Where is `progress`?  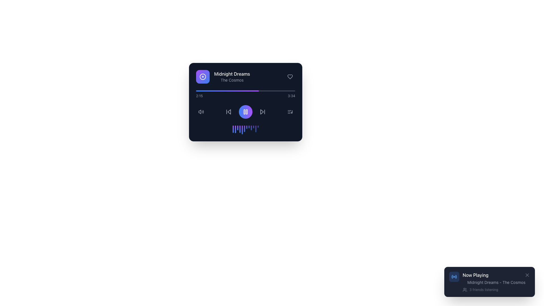
progress is located at coordinates (265, 90).